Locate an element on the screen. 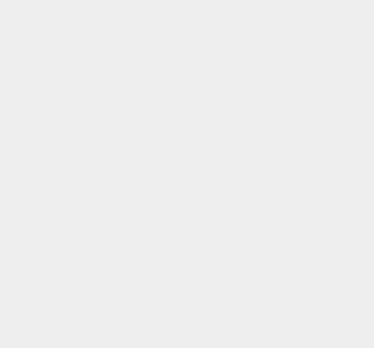 The image size is (374, 348). 'iOS Apps' is located at coordinates (273, 276).